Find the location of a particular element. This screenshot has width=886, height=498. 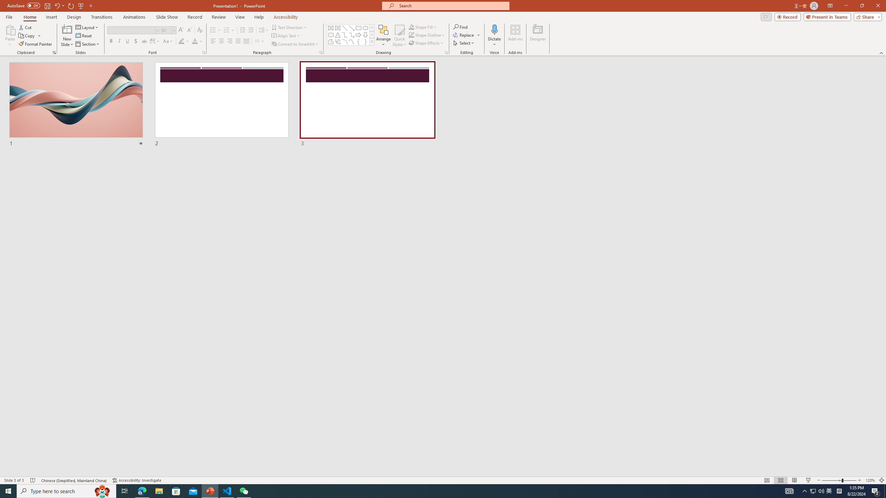

'Format Painter' is located at coordinates (35, 44).